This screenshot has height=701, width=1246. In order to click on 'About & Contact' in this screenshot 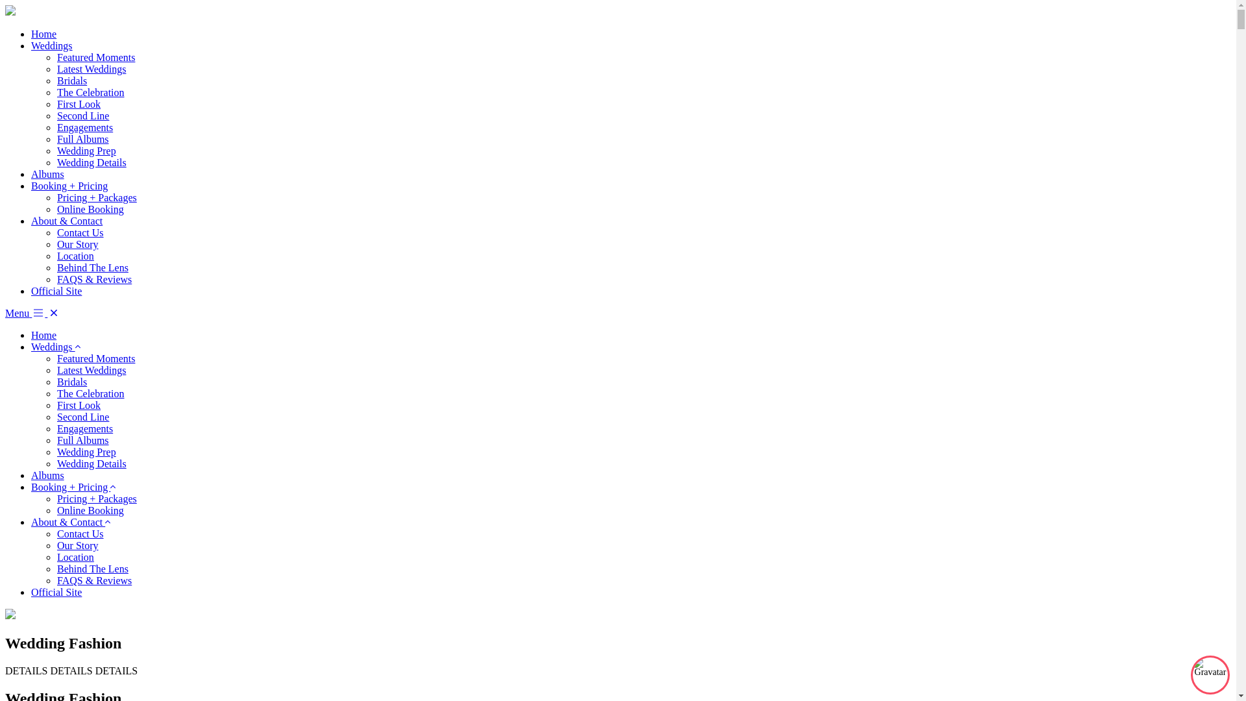, I will do `click(67, 521)`.